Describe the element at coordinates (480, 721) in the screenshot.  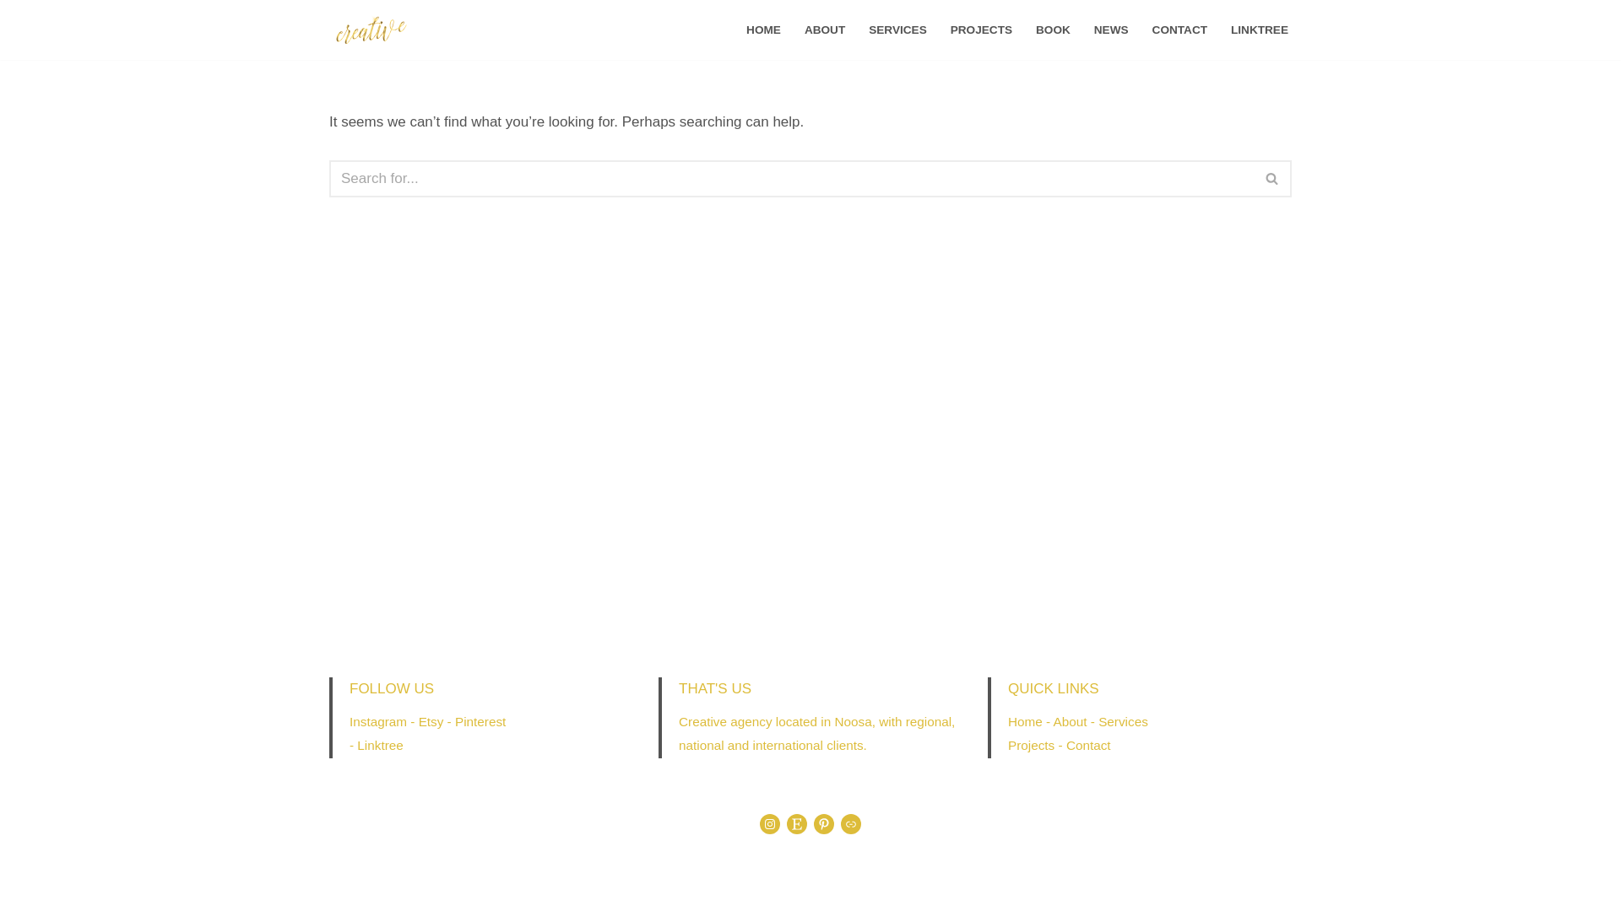
I see `'Pinterest'` at that location.